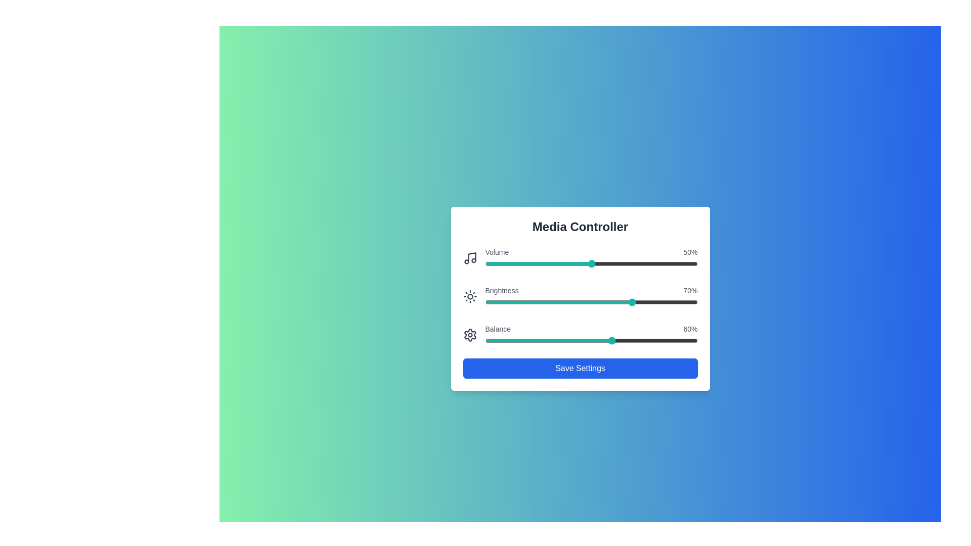  What do you see at coordinates (577, 263) in the screenshot?
I see `the volume slider to 43% by dragging the slider handle` at bounding box center [577, 263].